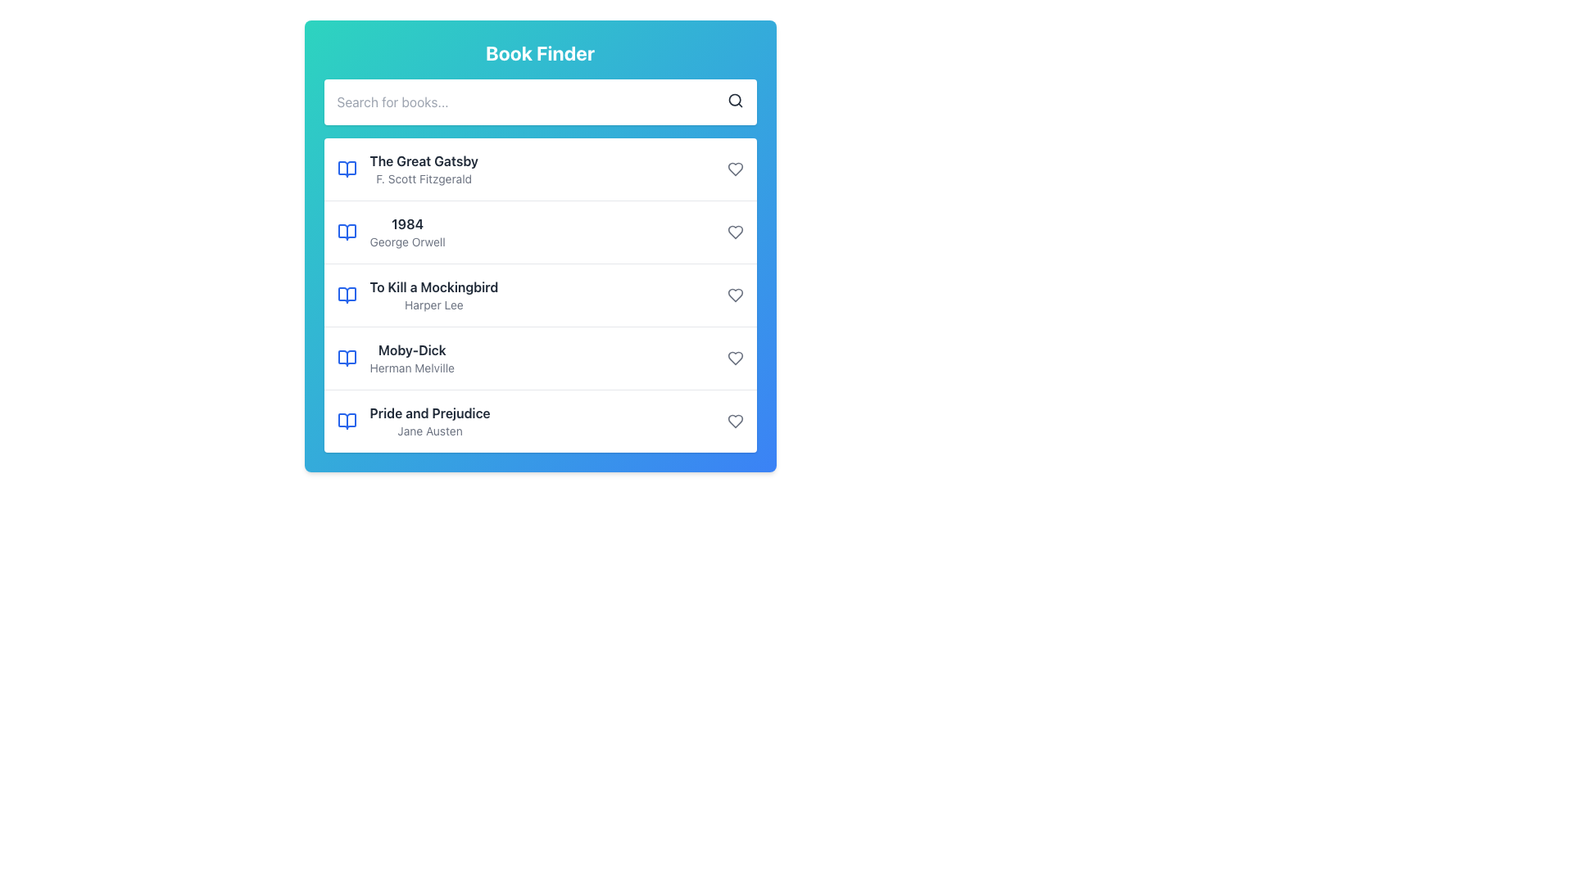  What do you see at coordinates (346, 169) in the screenshot?
I see `the open book icon representing 'The Great Gatsby' by F. Scott Fitzgerald, which is styled with blue strokes and is the first item in a list of similar icons` at bounding box center [346, 169].